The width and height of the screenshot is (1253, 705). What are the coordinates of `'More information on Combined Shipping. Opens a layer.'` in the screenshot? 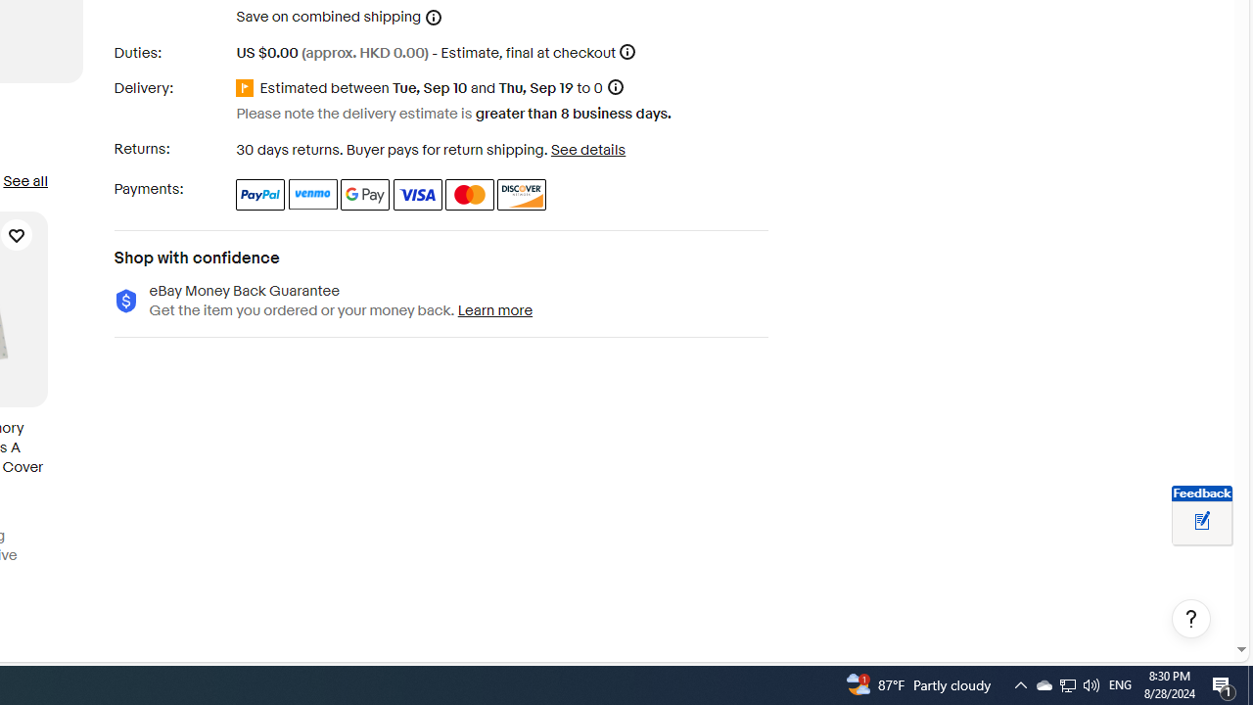 It's located at (433, 17).